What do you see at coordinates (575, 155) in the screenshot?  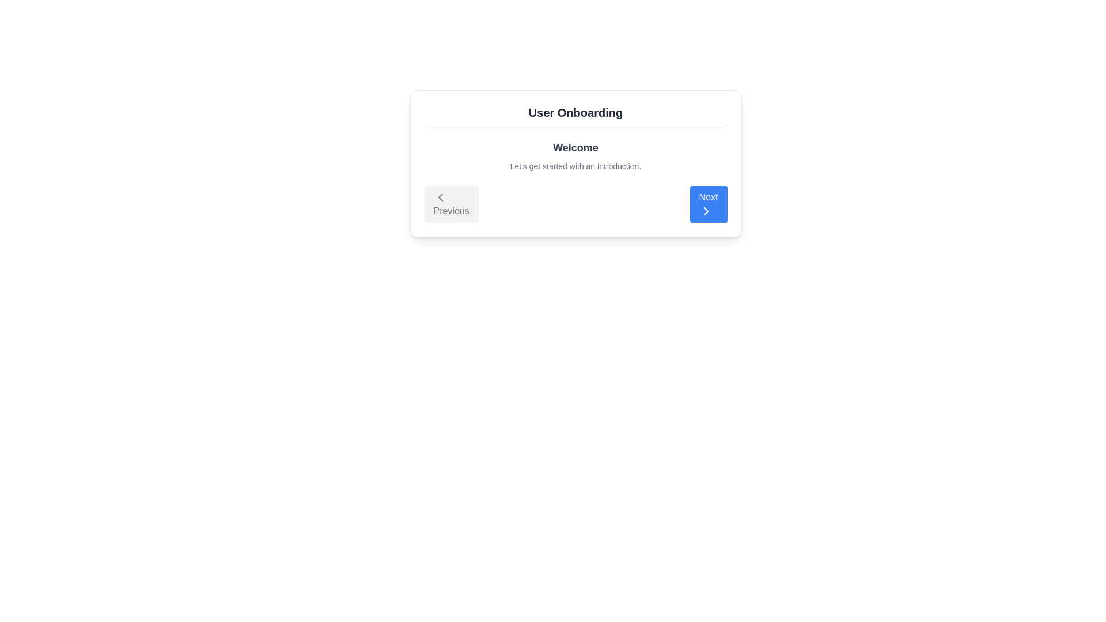 I see `the informational Text block located centrally within the 'User Onboarding' dialog box` at bounding box center [575, 155].